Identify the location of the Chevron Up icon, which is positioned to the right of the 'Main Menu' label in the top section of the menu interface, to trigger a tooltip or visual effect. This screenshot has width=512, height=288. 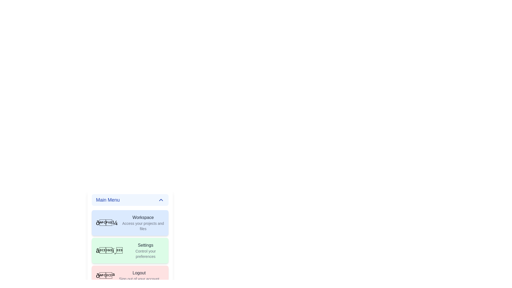
(161, 200).